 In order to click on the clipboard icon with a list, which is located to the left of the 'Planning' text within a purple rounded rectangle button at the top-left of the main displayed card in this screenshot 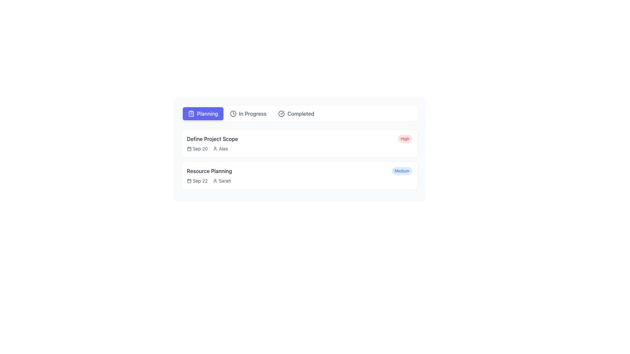, I will do `click(191, 113)`.